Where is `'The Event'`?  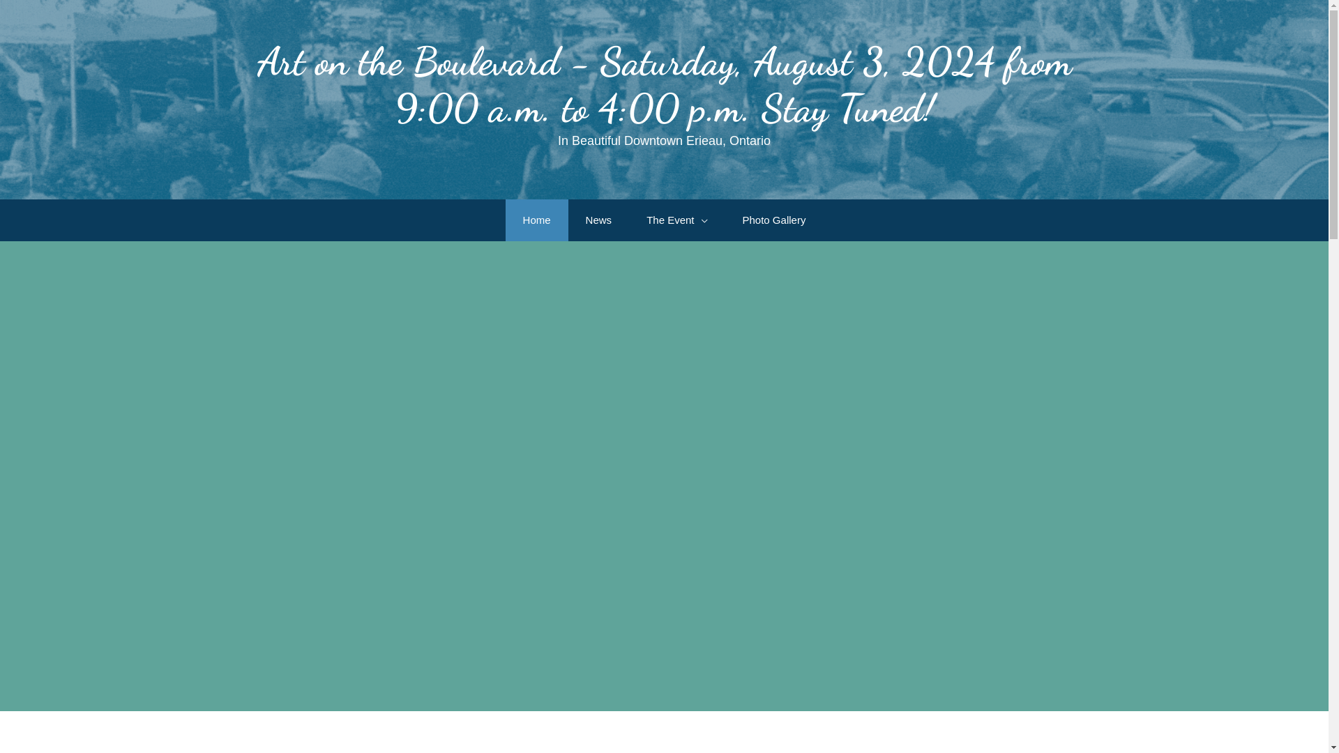
'The Event' is located at coordinates (628, 220).